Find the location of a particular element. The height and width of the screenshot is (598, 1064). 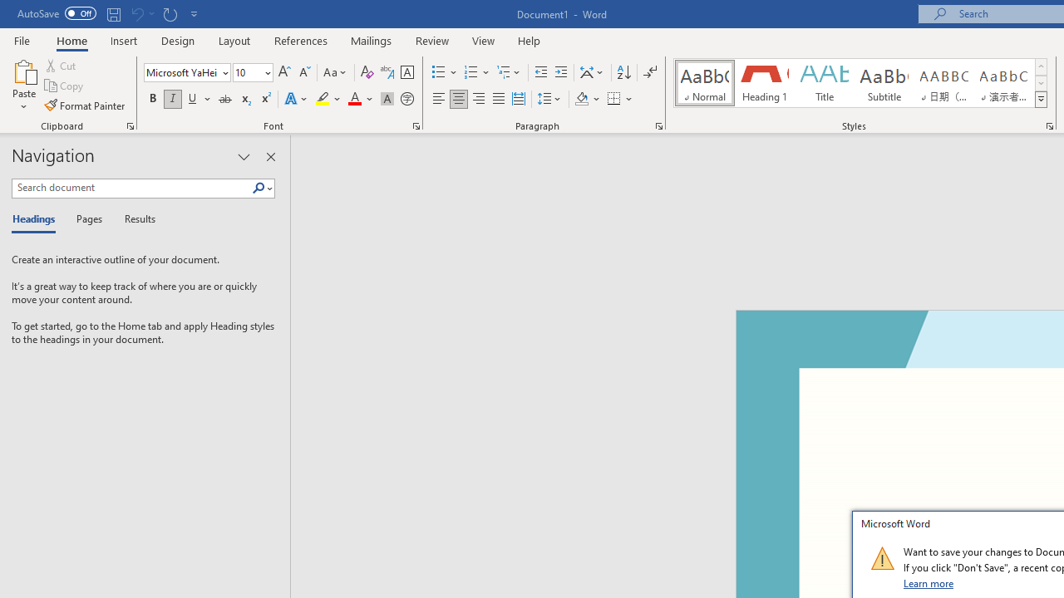

'Change Case' is located at coordinates (335, 71).